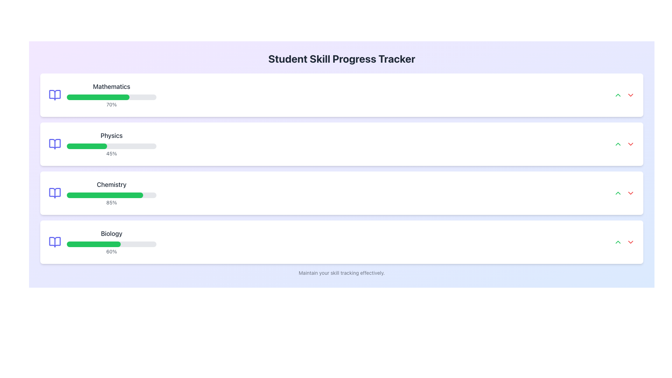 The image size is (672, 378). I want to click on the open book icon representing 'Physics' in the subject list, which is the second book icon and positioned to the left of the 'Physics' label, so click(55, 144).